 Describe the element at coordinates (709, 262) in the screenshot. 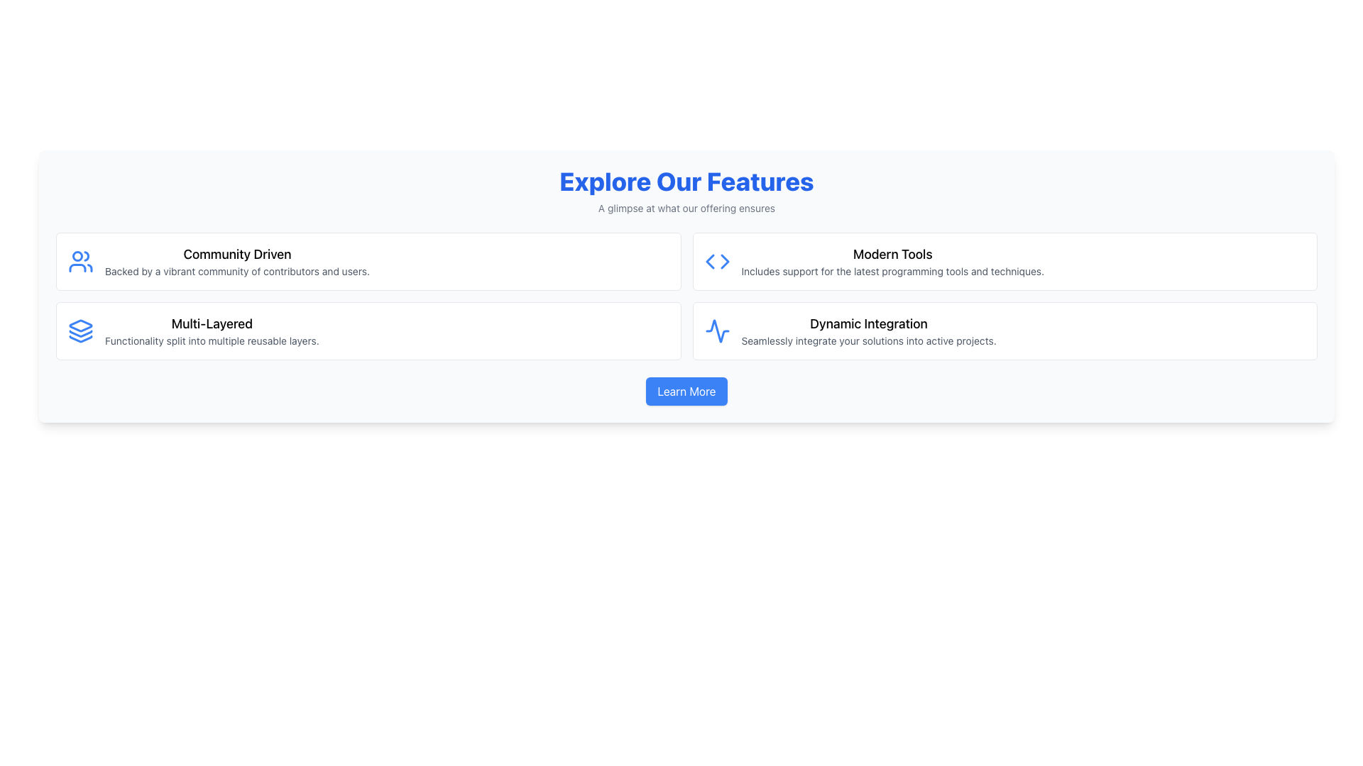

I see `Decorative SVG shape located in the right column of the 'Modern Tools' feature description box, which serves as a visual element conveying a coding theme` at that location.